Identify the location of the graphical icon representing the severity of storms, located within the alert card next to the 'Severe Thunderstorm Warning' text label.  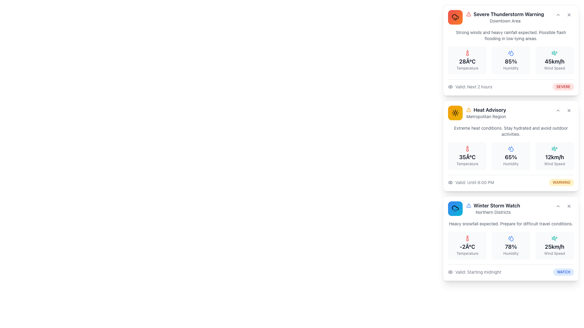
(468, 205).